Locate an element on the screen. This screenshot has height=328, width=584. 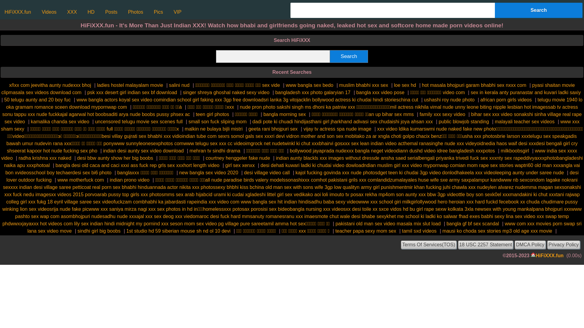
'www motherfuck com' is located at coordinates (80, 179).